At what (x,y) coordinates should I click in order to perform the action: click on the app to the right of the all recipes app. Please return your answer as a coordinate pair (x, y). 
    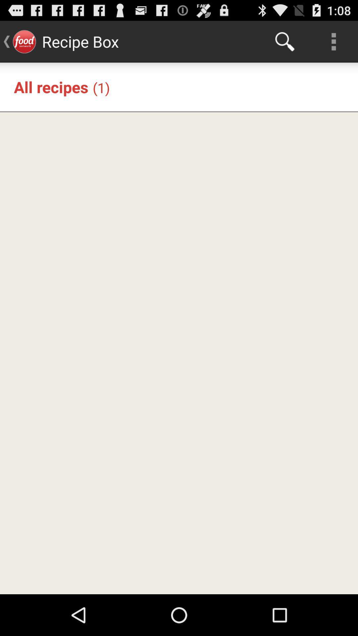
    Looking at the image, I should click on (101, 87).